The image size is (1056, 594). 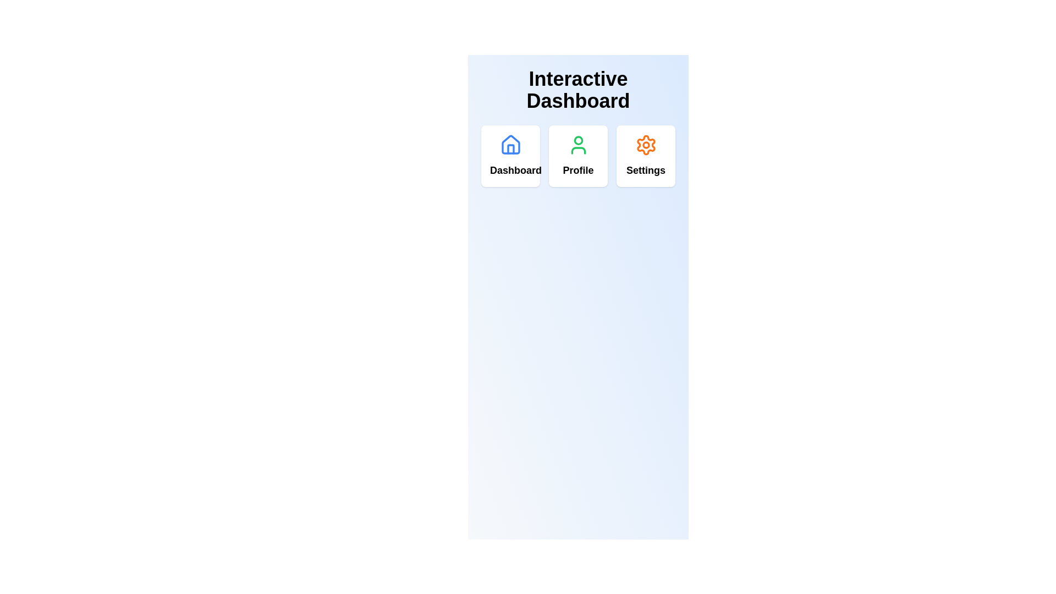 What do you see at coordinates (510, 156) in the screenshot?
I see `the leftmost card element in the grid` at bounding box center [510, 156].